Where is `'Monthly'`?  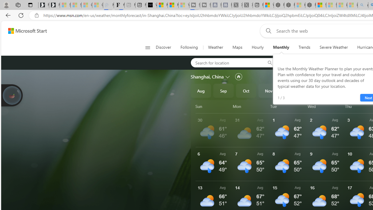
'Monthly' is located at coordinates (281, 47).